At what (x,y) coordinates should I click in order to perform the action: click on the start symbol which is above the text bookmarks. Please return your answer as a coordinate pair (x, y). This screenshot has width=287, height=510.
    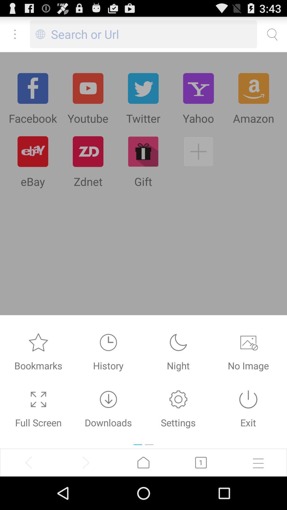
    Looking at the image, I should click on (38, 342).